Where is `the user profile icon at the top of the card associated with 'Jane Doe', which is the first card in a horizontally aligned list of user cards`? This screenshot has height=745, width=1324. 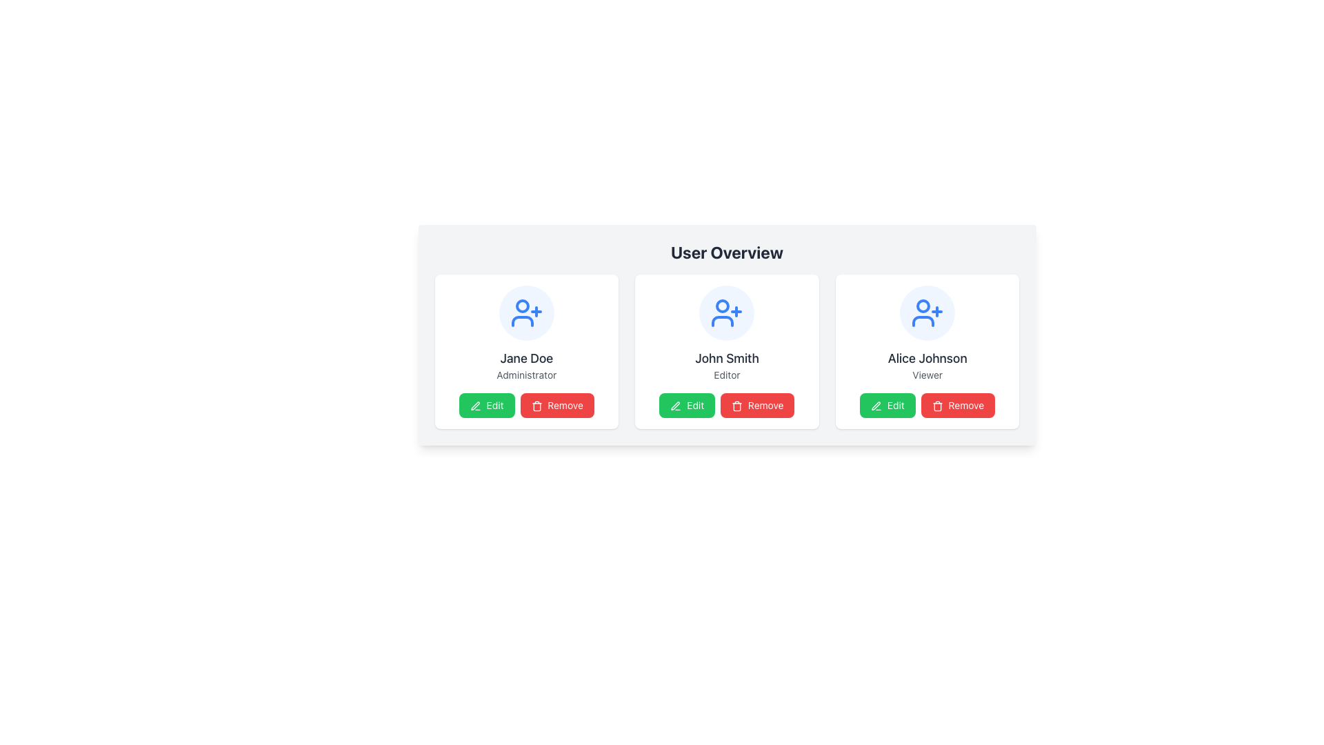 the user profile icon at the top of the card associated with 'Jane Doe', which is the first card in a horizontally aligned list of user cards is located at coordinates (525, 313).